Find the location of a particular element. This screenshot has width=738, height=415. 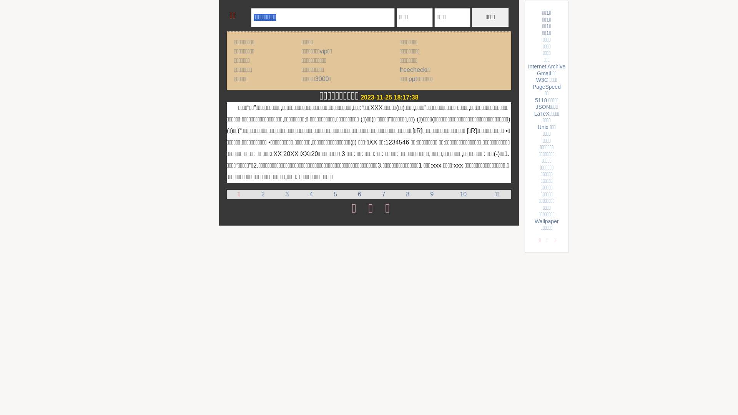

'2023-11-25 18:17:38' is located at coordinates (389, 97).